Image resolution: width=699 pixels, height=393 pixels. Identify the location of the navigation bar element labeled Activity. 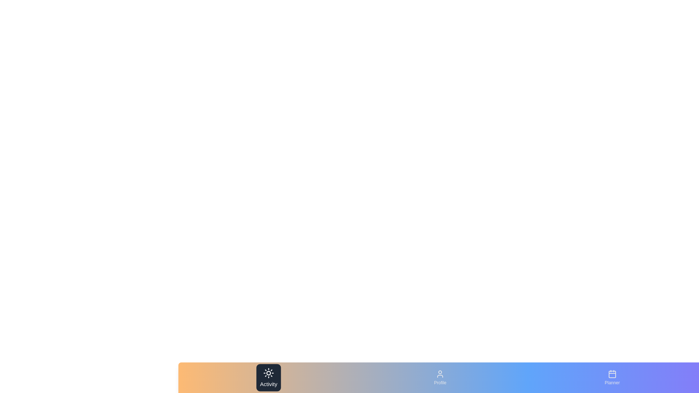
(268, 377).